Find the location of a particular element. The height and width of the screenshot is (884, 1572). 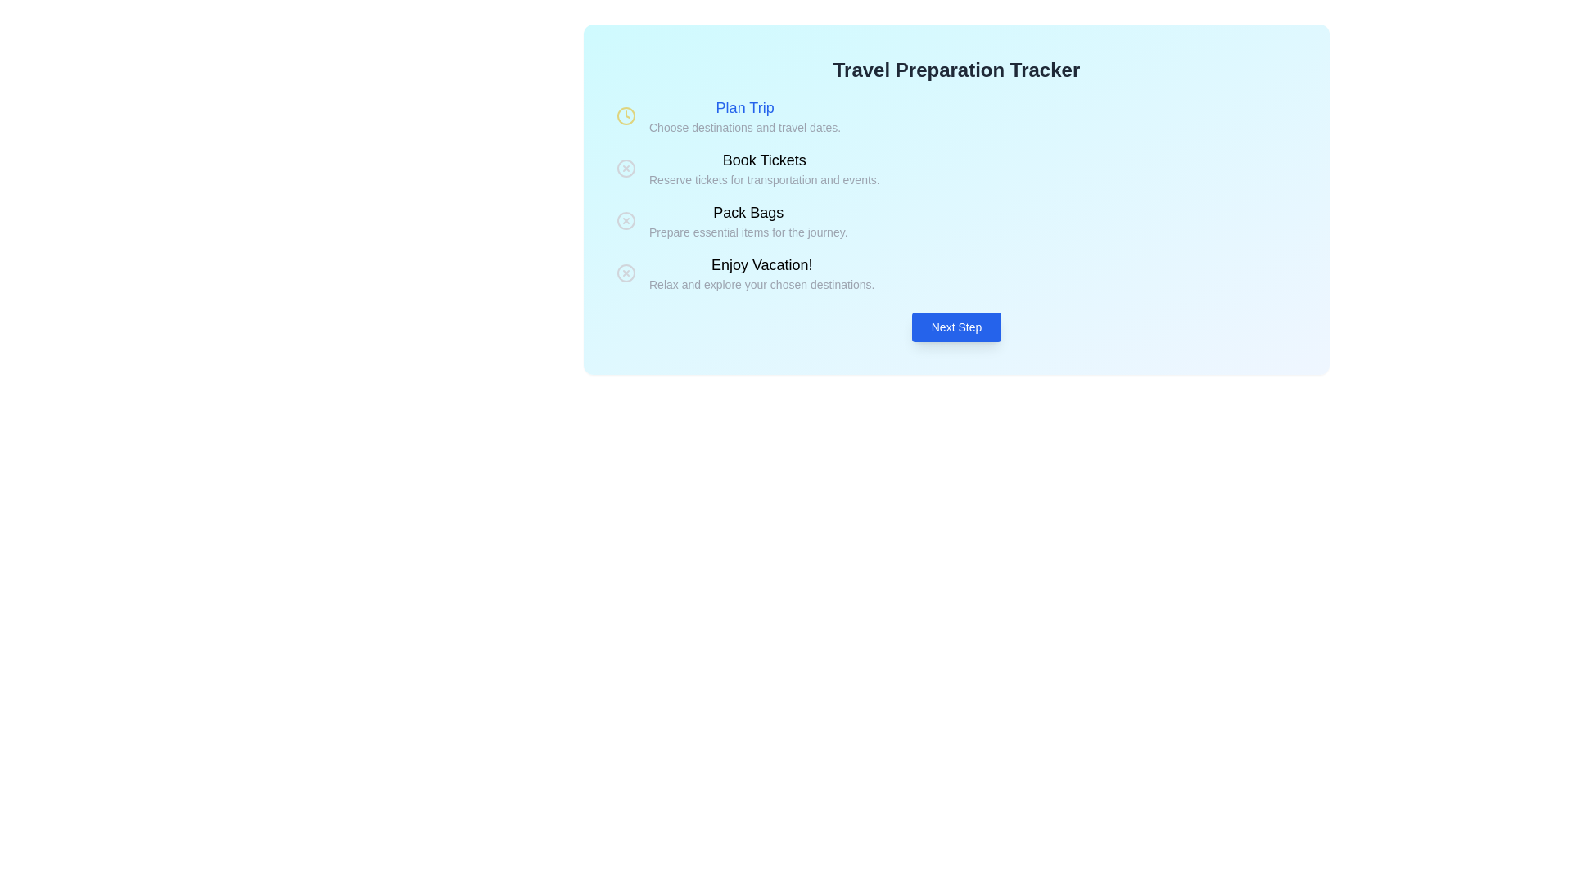

the explanatory Text Label located beneath the 'Pack Bags' title, which provides information about the tasks involved in that section is located at coordinates (748, 232).